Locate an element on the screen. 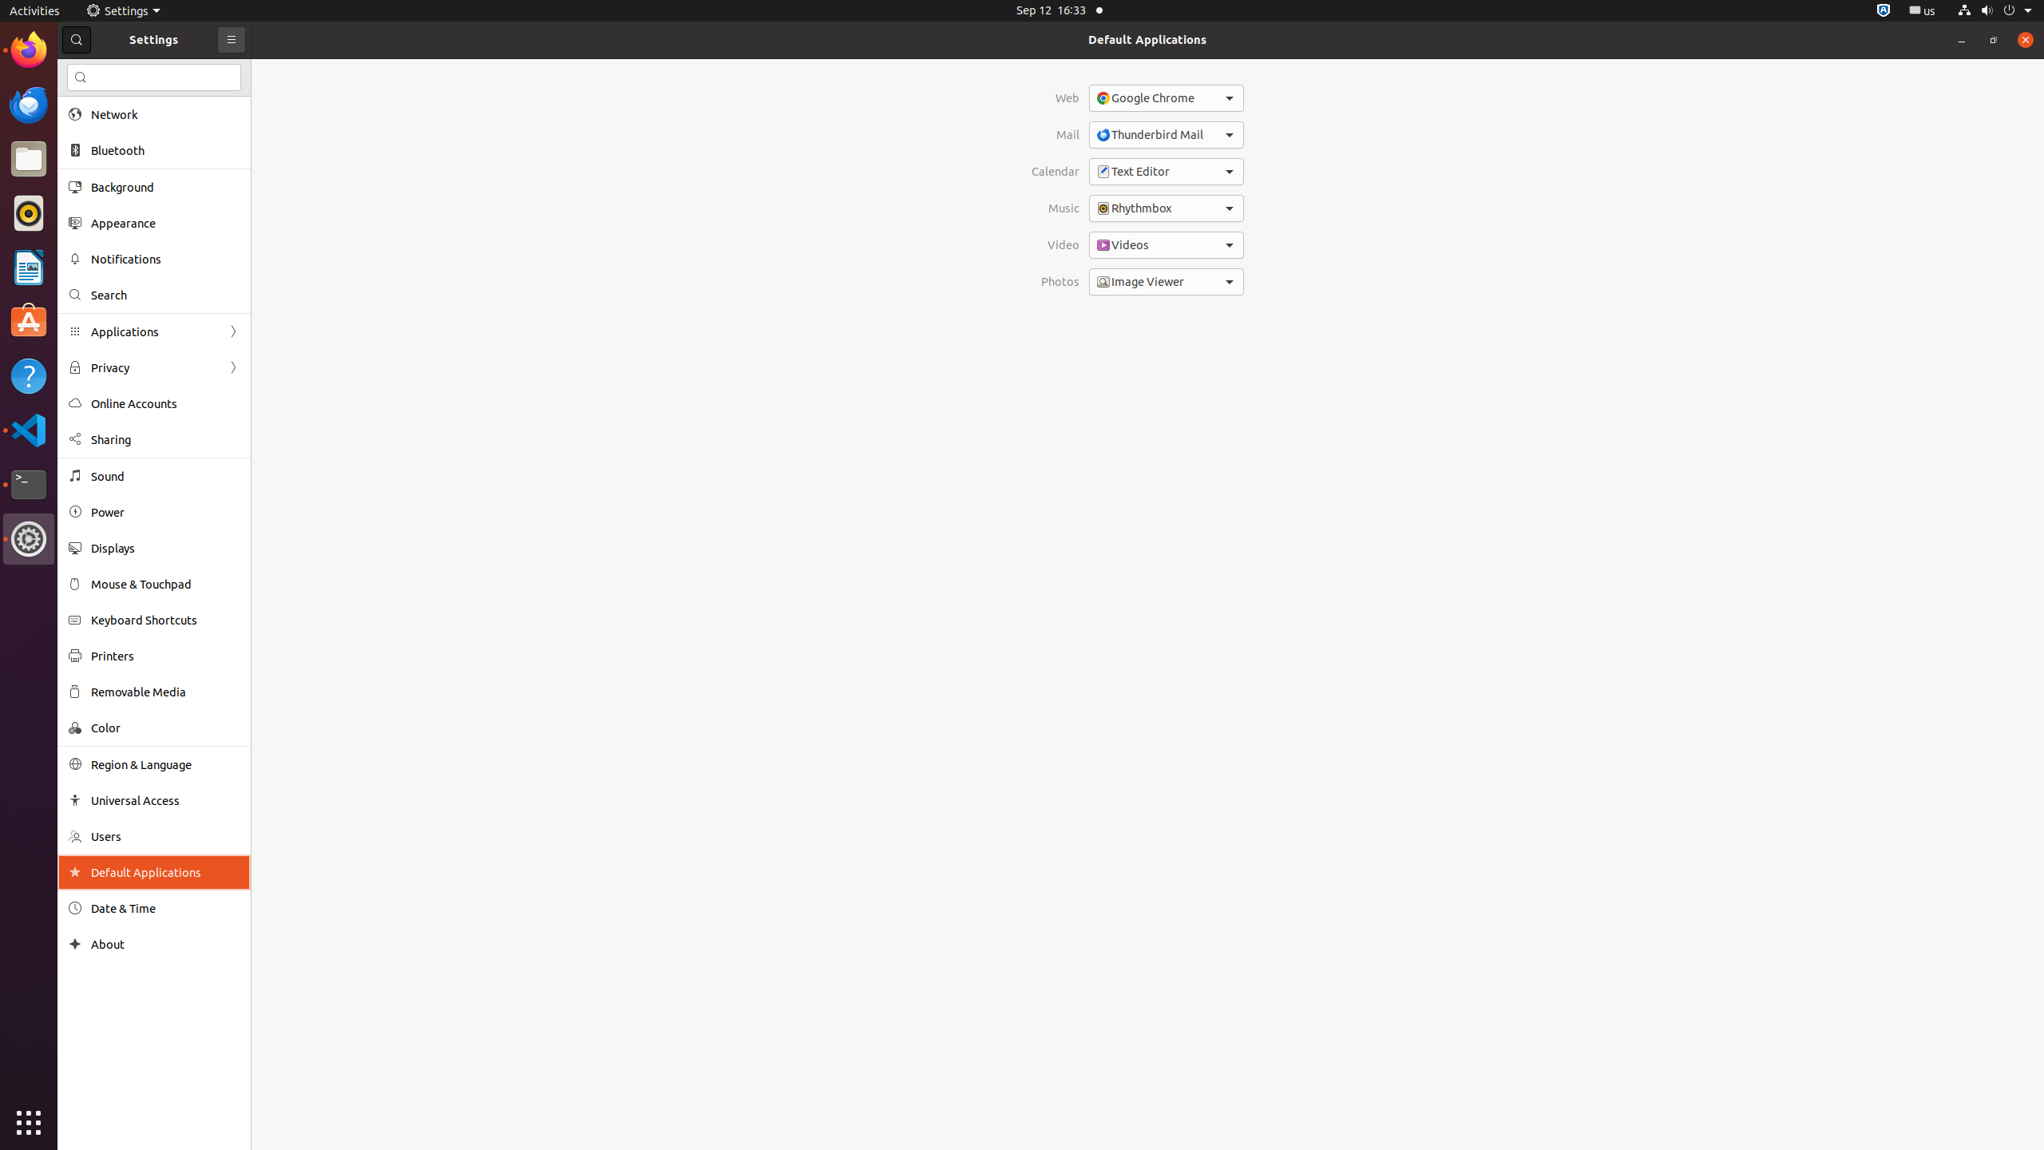 The image size is (2044, 1150). 'Sound' is located at coordinates (165, 475).